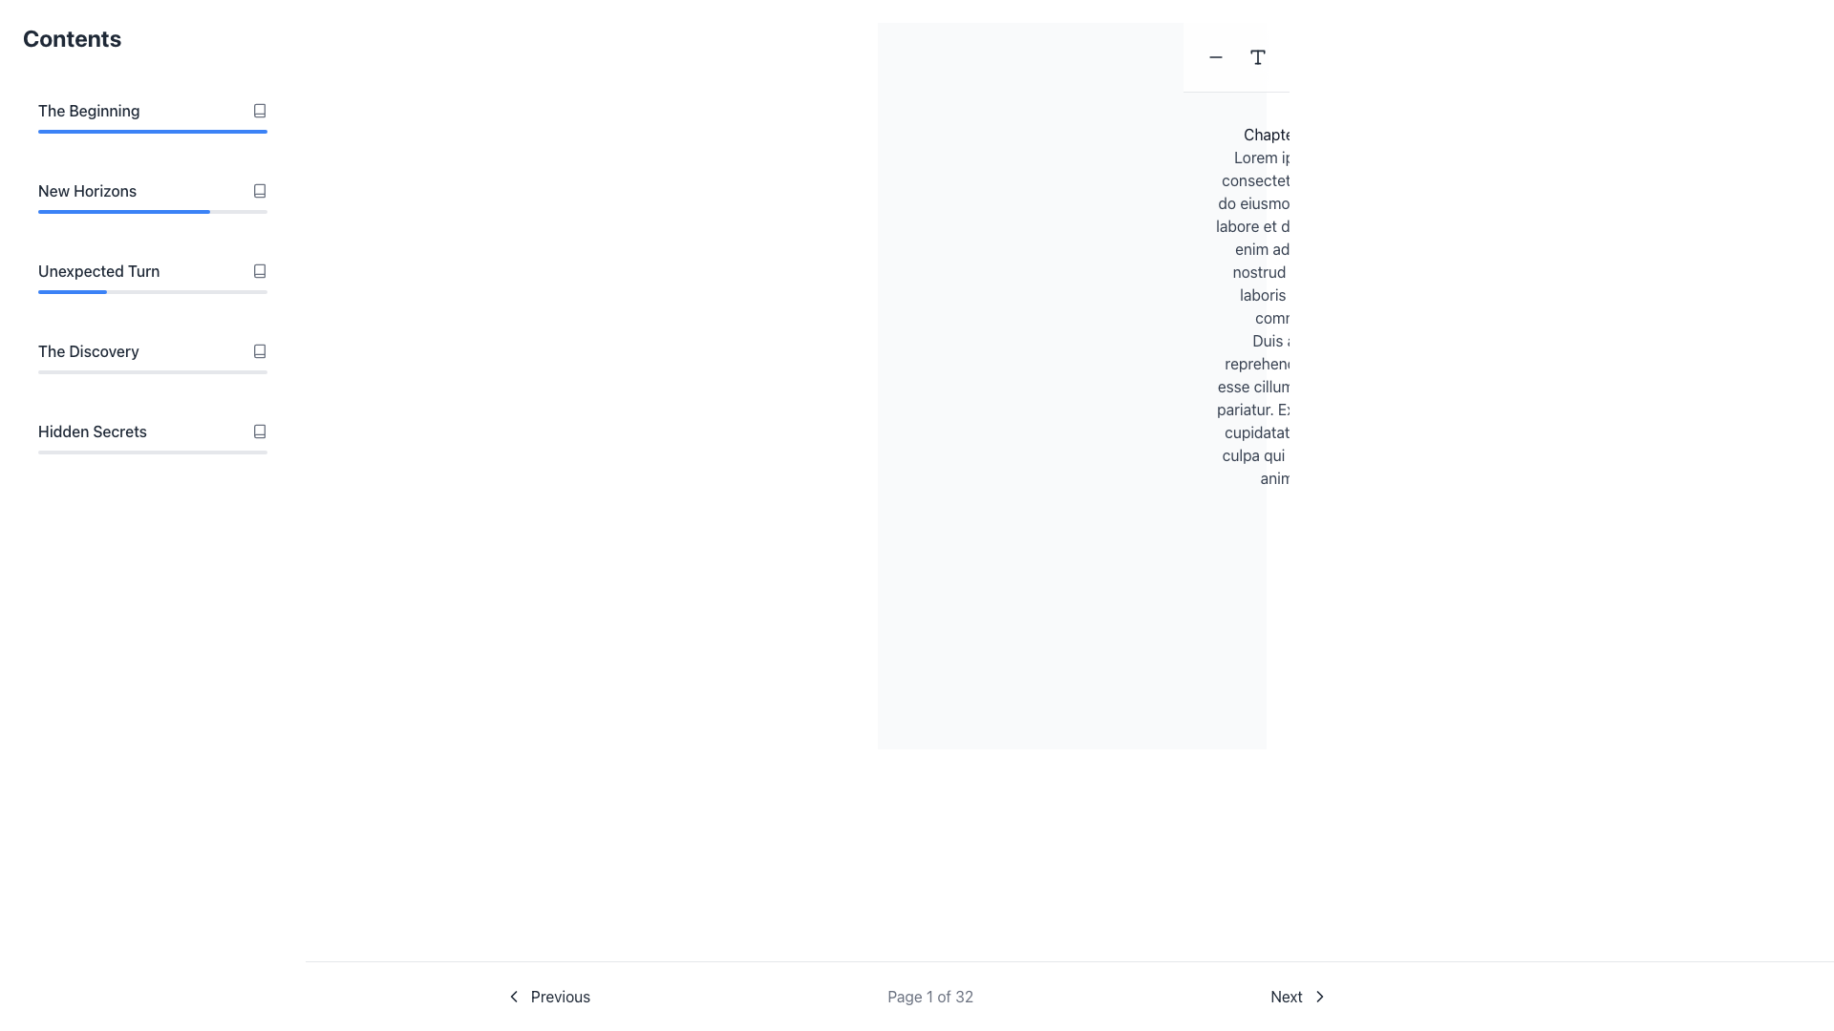 Image resolution: width=1834 pixels, height=1031 pixels. What do you see at coordinates (151, 110) in the screenshot?
I see `the first item labeled 'Contents' in the vertically stacked navigation list, which serves as a navigational link to the respective chapter or section` at bounding box center [151, 110].